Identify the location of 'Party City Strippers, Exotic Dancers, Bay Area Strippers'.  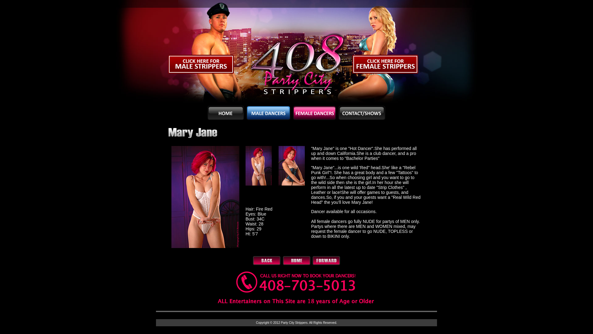
(392, 52).